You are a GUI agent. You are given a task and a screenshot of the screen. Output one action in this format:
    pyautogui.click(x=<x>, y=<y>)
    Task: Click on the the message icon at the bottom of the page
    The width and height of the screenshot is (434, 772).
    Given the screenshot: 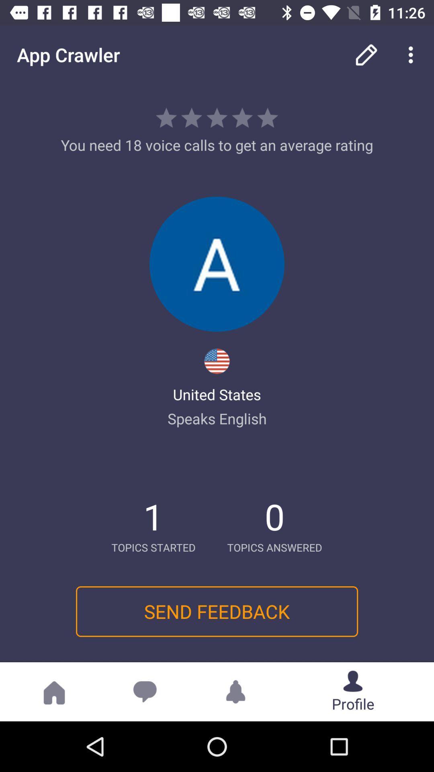 What is the action you would take?
    pyautogui.click(x=145, y=691)
    